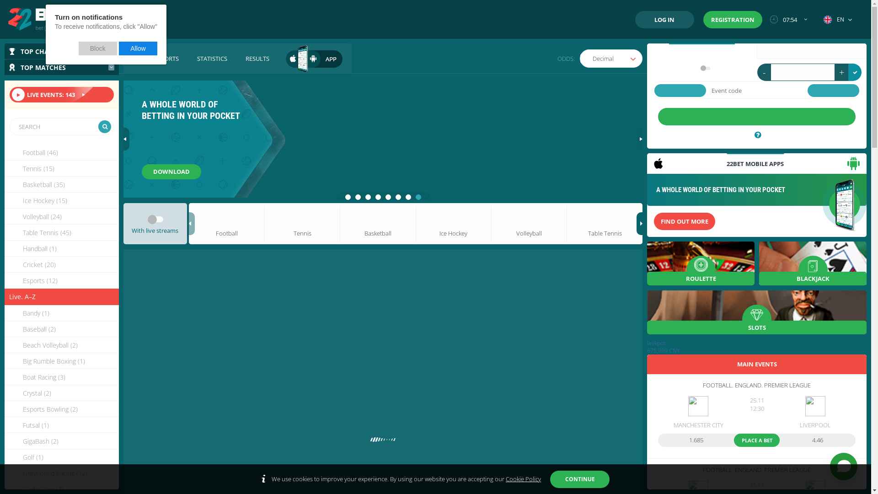 This screenshot has height=494, width=878. I want to click on 'Volleyball, so click(61, 216).